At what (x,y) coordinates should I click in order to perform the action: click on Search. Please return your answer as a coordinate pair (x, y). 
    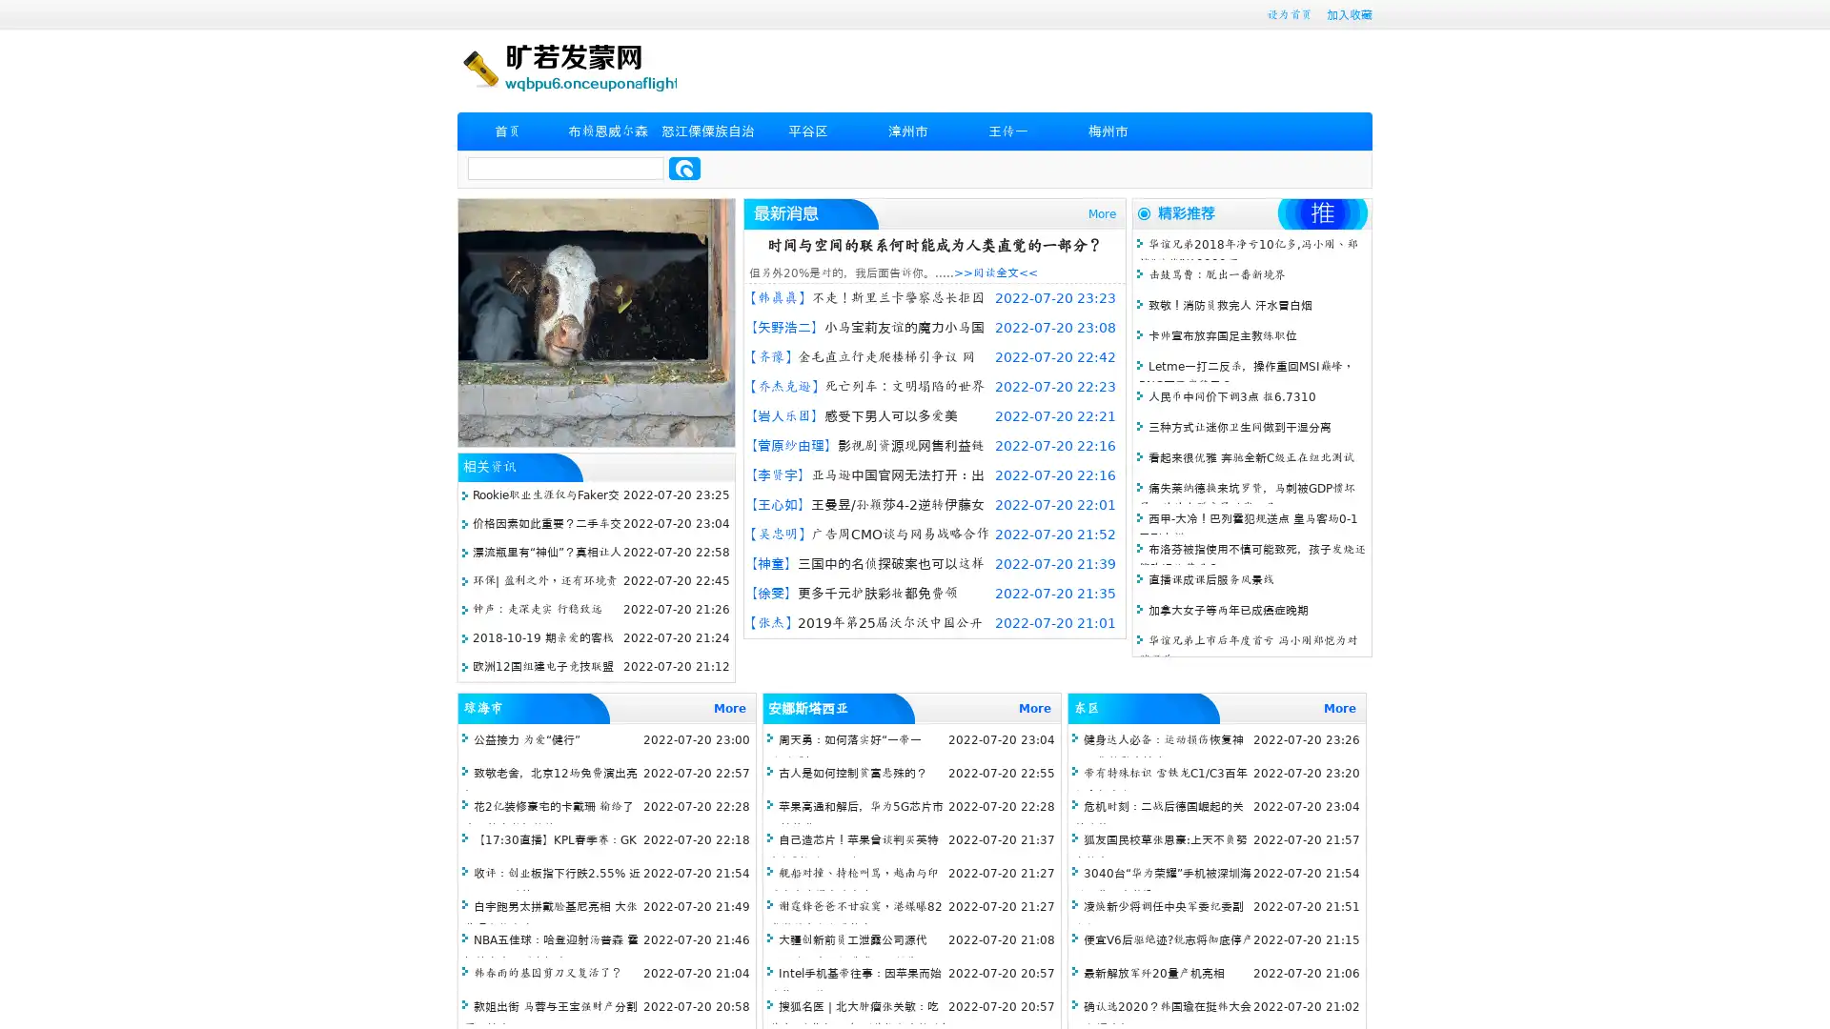
    Looking at the image, I should click on (684, 168).